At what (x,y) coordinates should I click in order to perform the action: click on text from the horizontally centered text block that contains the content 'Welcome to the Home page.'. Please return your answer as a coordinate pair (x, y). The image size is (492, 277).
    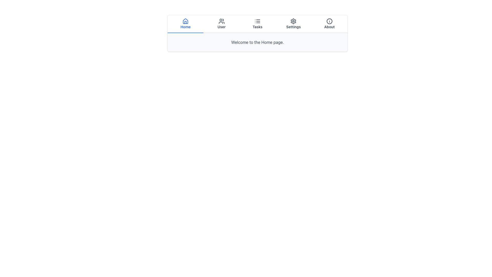
    Looking at the image, I should click on (257, 42).